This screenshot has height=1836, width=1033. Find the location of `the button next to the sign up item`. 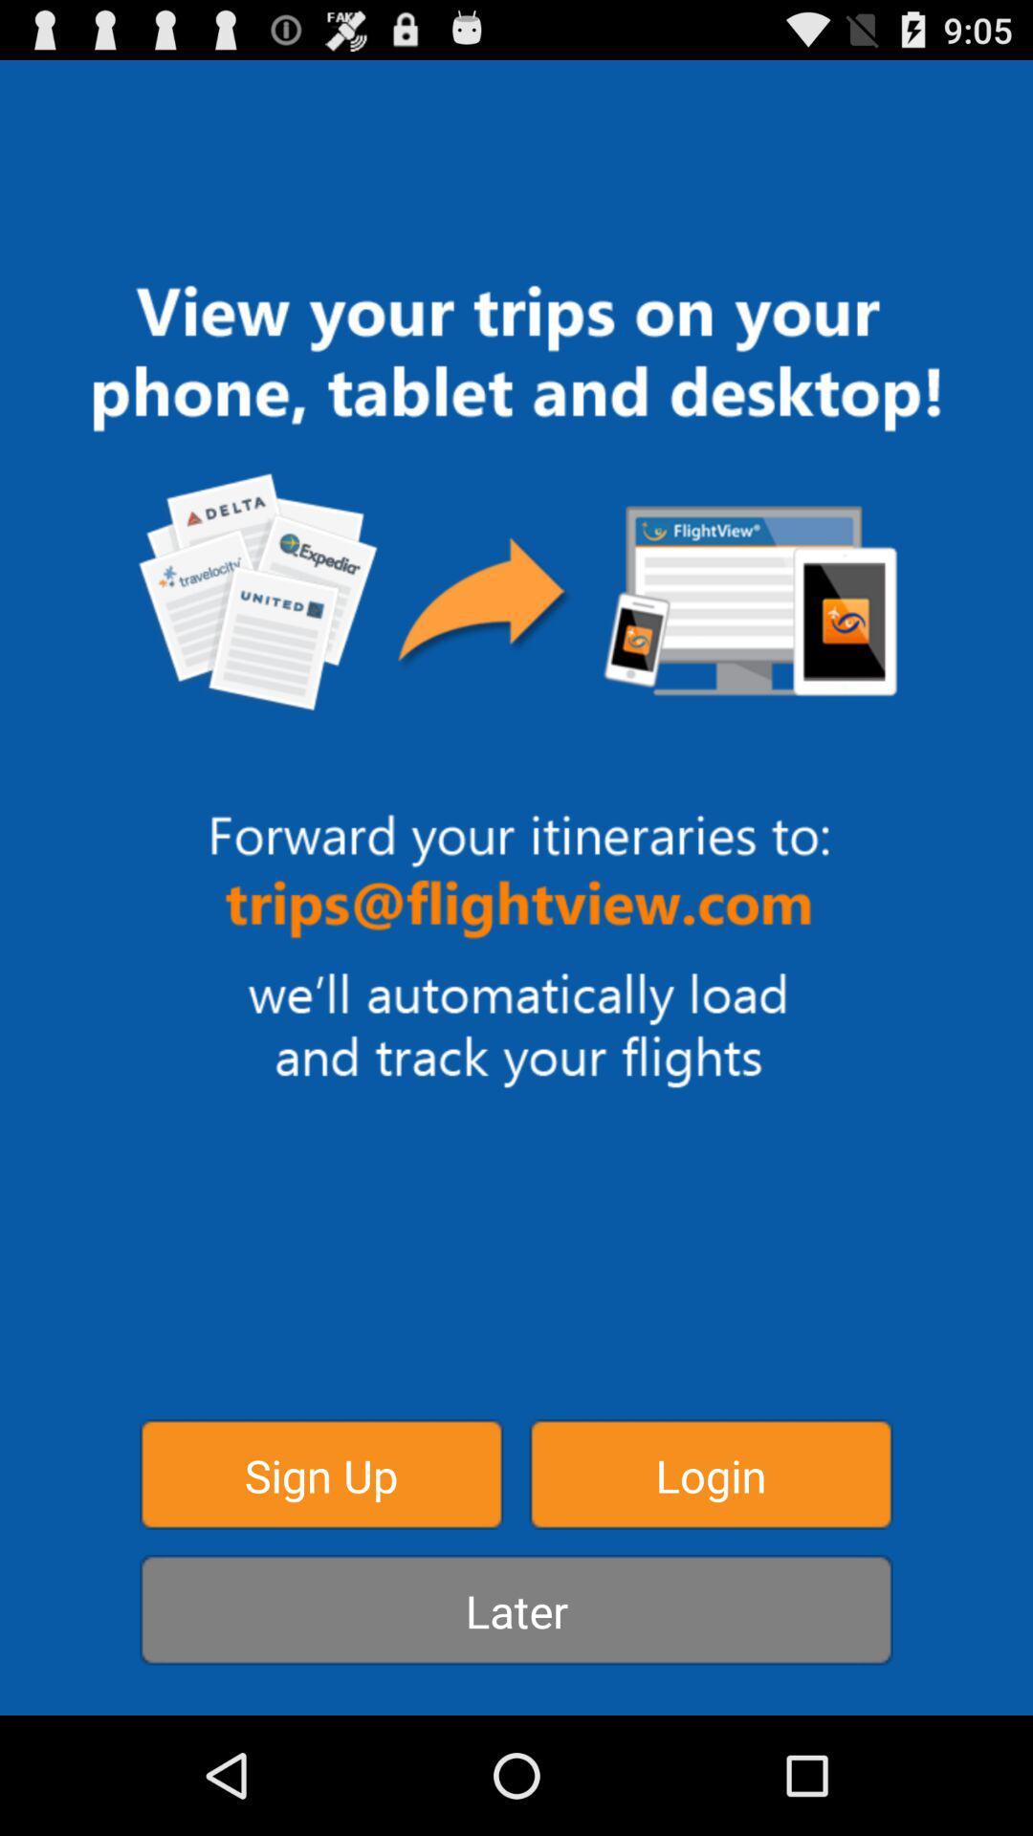

the button next to the sign up item is located at coordinates (711, 1473).